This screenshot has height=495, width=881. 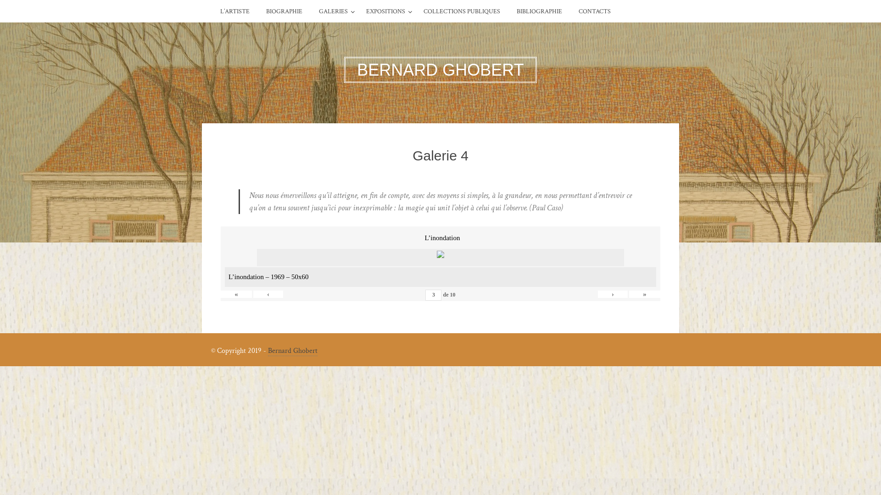 What do you see at coordinates (292, 350) in the screenshot?
I see `'Bernard Ghobert'` at bounding box center [292, 350].